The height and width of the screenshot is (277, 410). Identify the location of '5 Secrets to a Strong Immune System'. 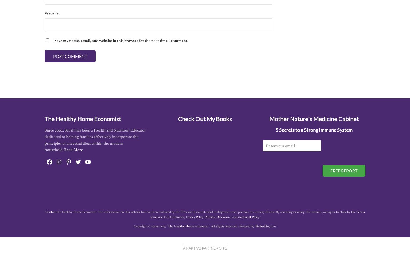
(275, 129).